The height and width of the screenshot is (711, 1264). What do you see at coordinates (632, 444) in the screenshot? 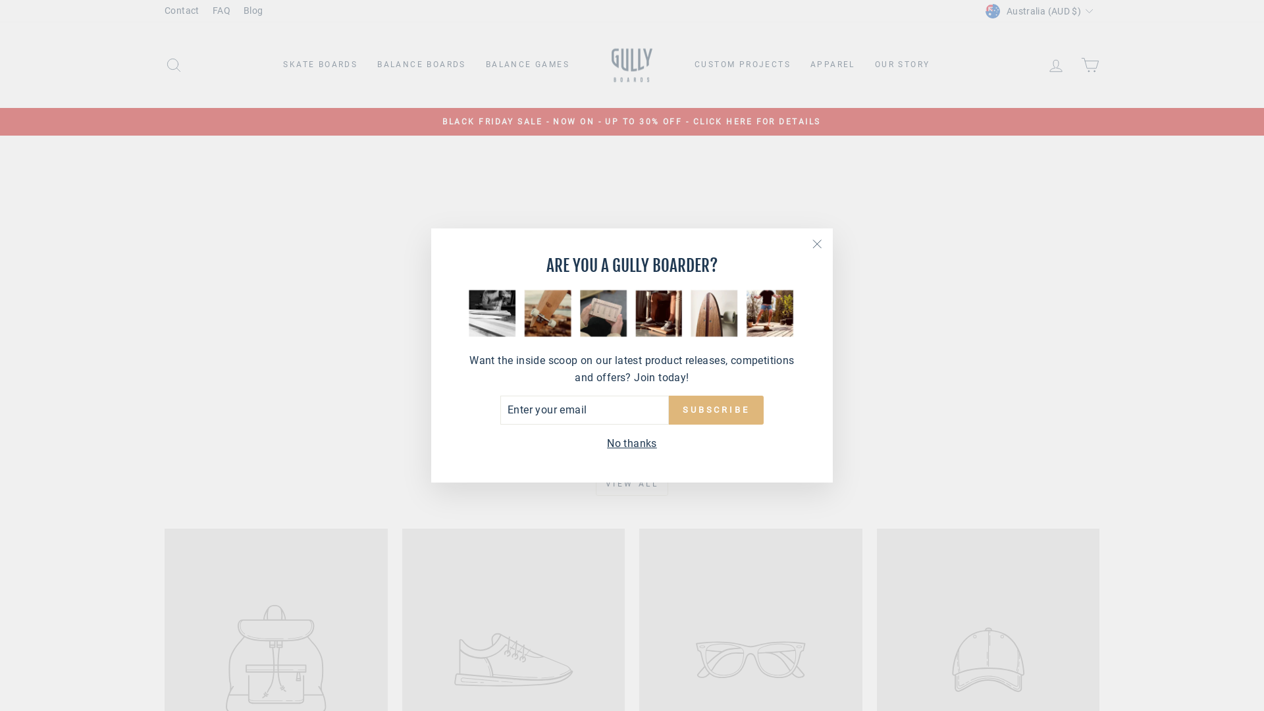
I see `'No thanks'` at bounding box center [632, 444].